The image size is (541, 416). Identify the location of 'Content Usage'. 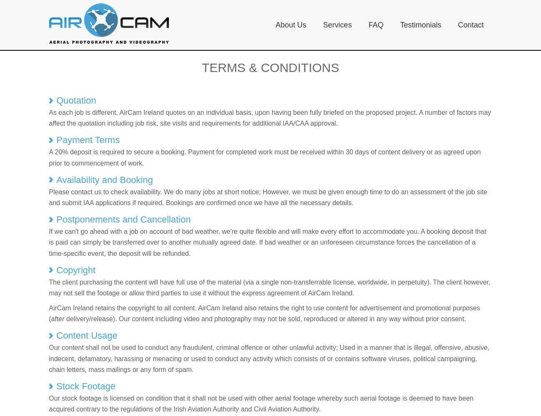
(87, 335).